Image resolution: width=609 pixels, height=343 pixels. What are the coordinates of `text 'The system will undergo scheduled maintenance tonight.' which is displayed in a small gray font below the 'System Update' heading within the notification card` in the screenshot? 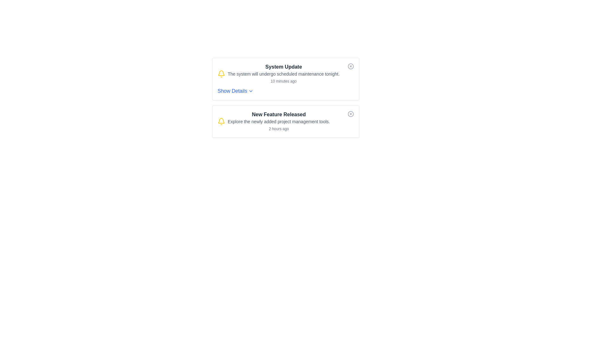 It's located at (283, 73).